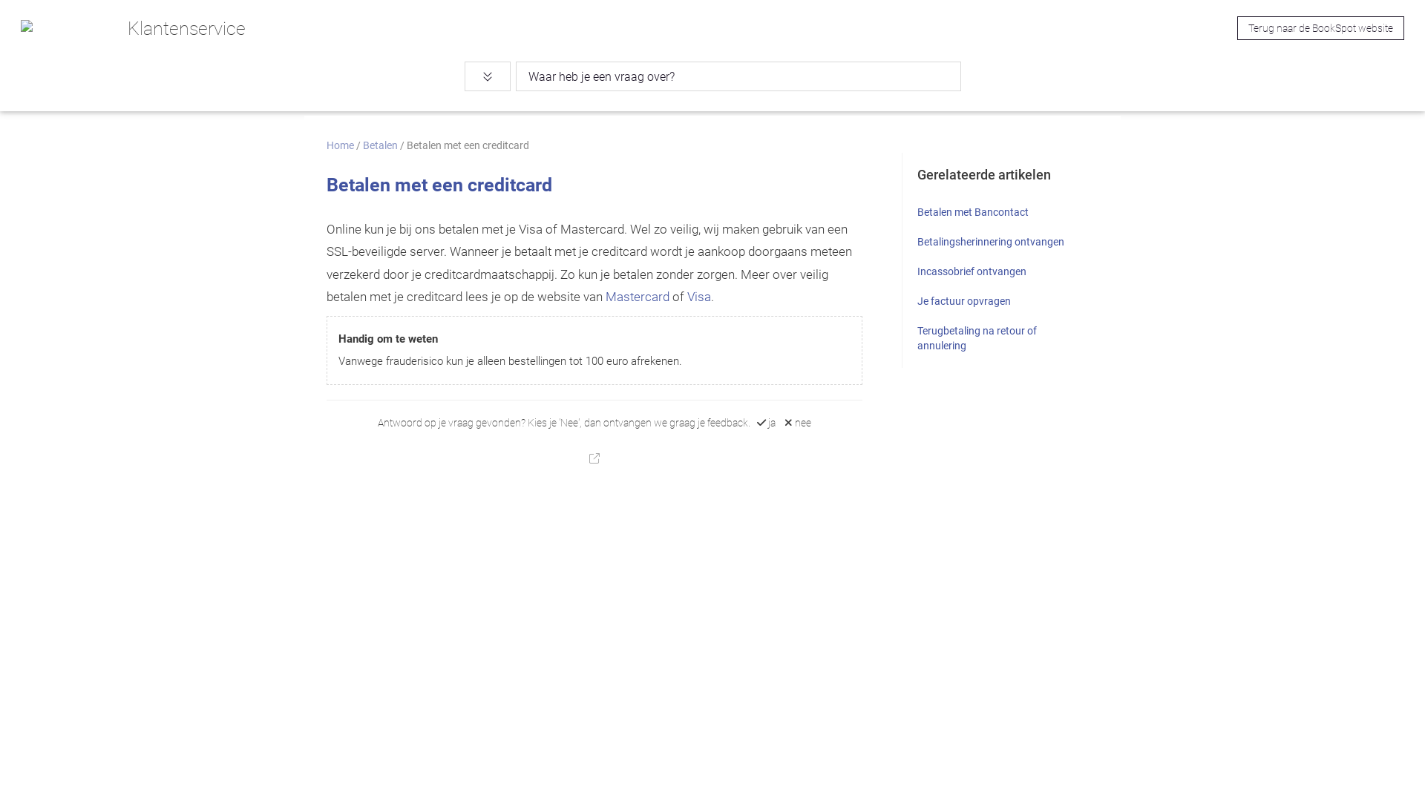 The width and height of the screenshot is (1425, 801). Describe the element at coordinates (977, 337) in the screenshot. I see `'Terugbetaling na retour of annulering'` at that location.